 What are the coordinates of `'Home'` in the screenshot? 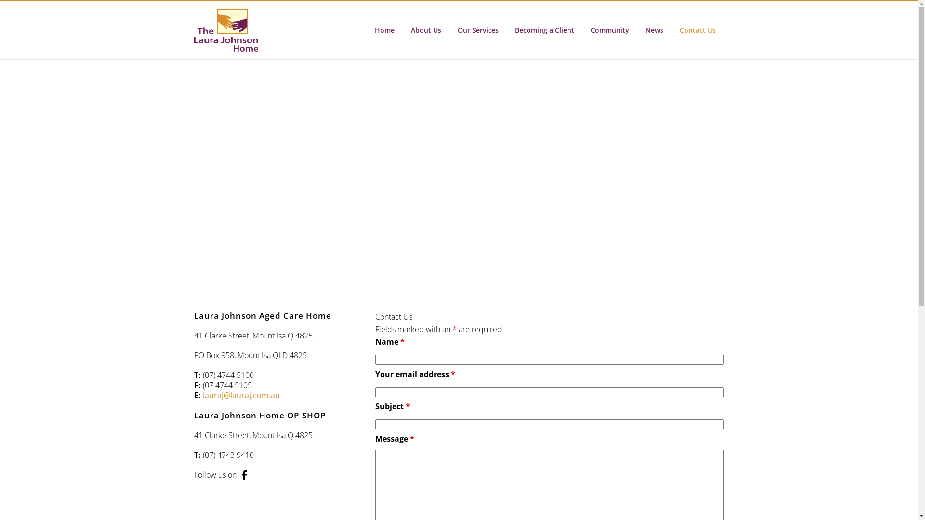 It's located at (365, 29).